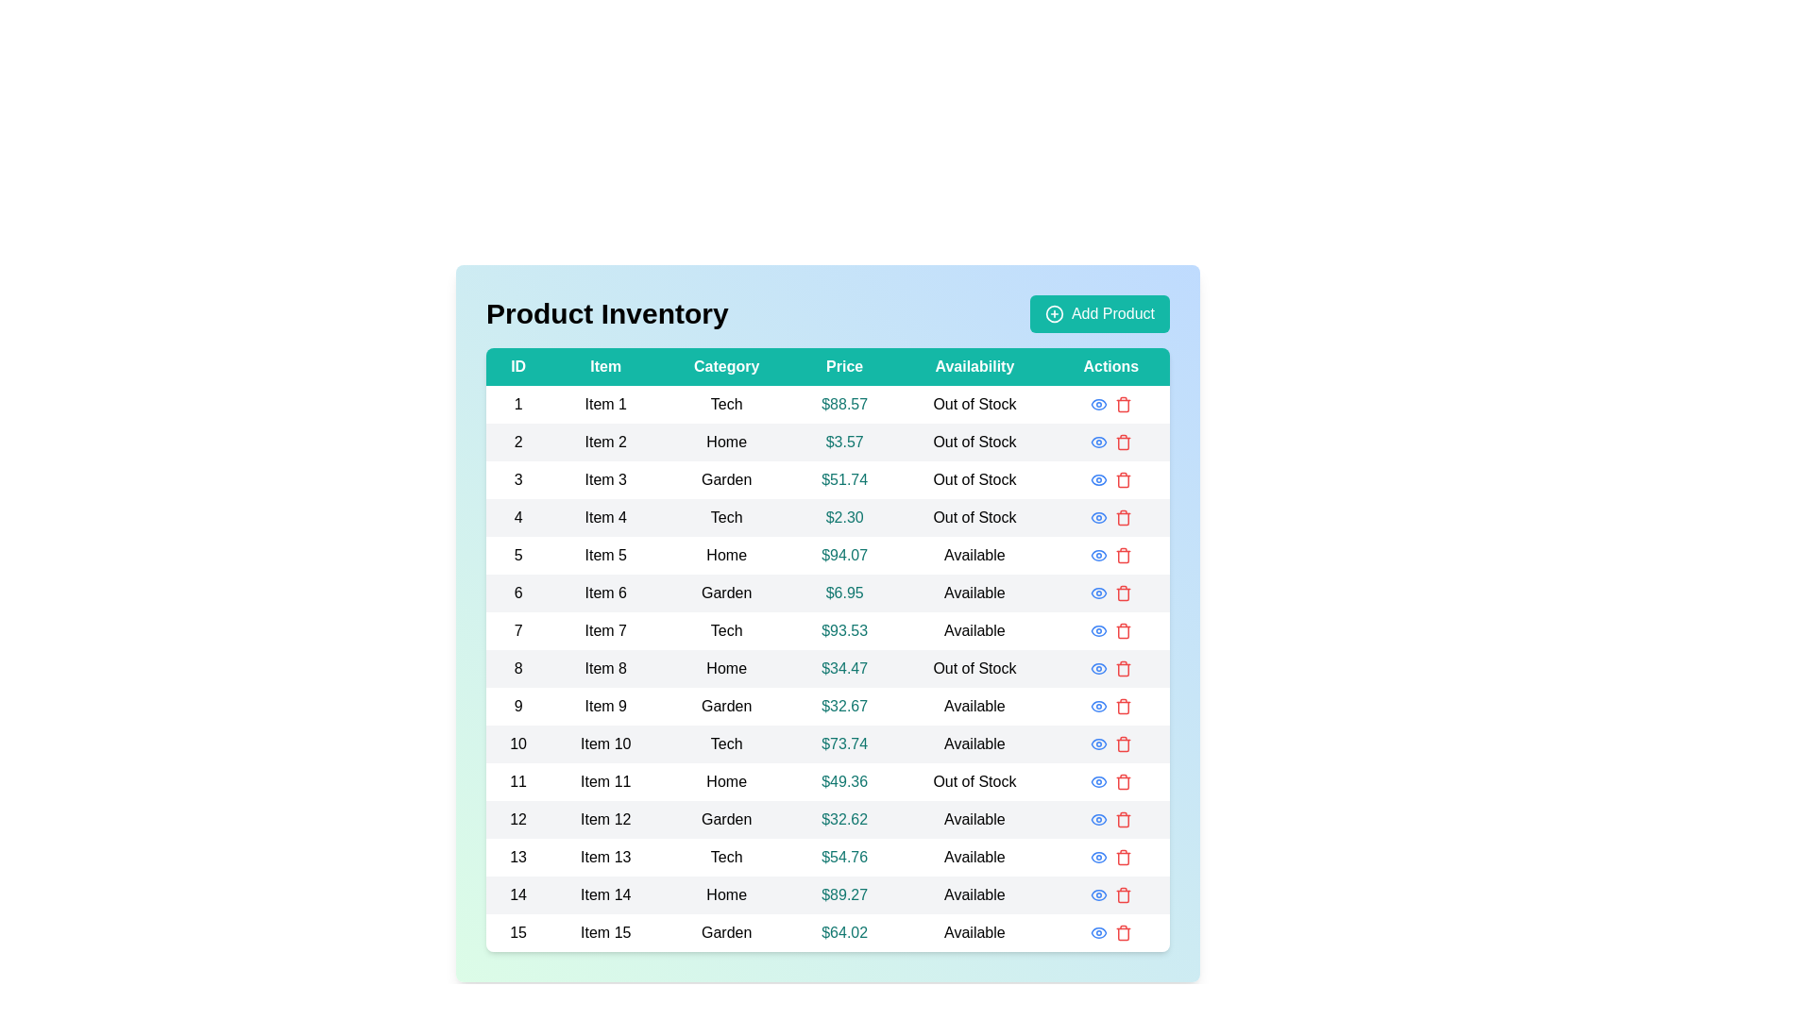 The image size is (1813, 1019). What do you see at coordinates (605, 367) in the screenshot?
I see `the Item header to sort the table by that column` at bounding box center [605, 367].